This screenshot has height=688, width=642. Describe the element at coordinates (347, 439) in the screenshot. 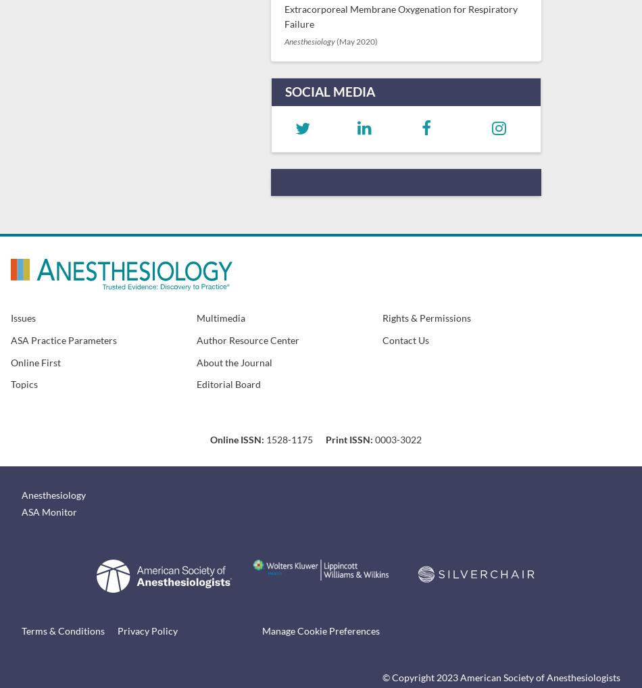

I see `'Print ISSN'` at that location.